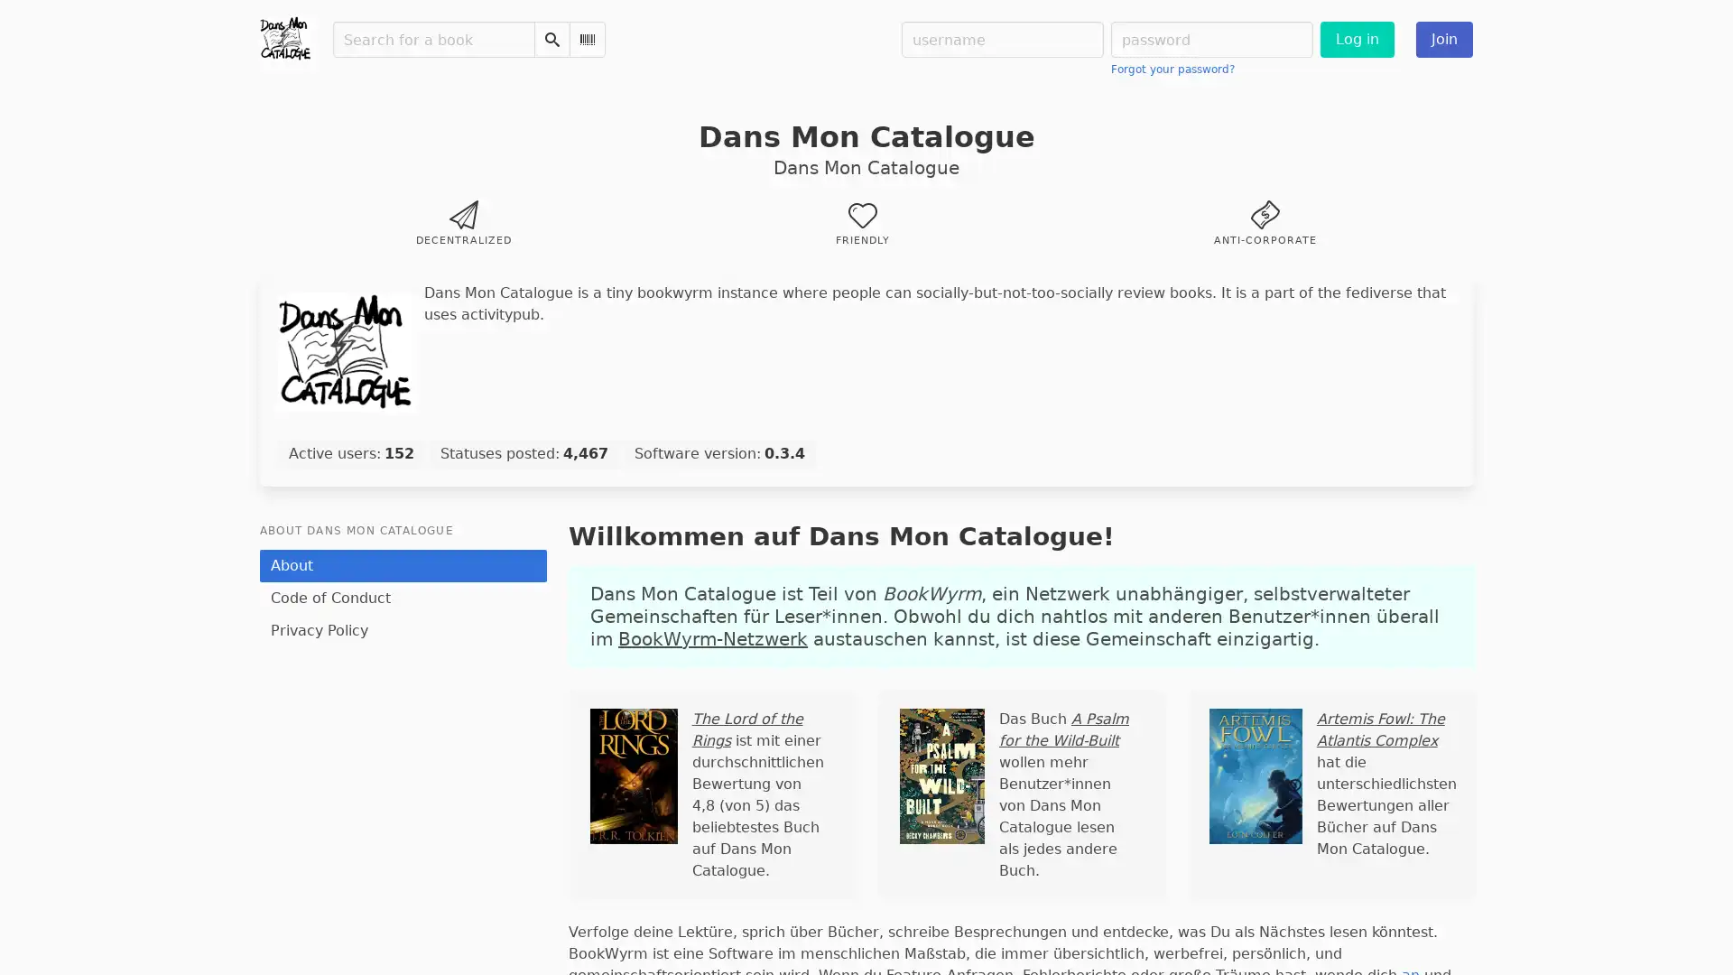 The height and width of the screenshot is (975, 1733). What do you see at coordinates (1357, 39) in the screenshot?
I see `Log in` at bounding box center [1357, 39].